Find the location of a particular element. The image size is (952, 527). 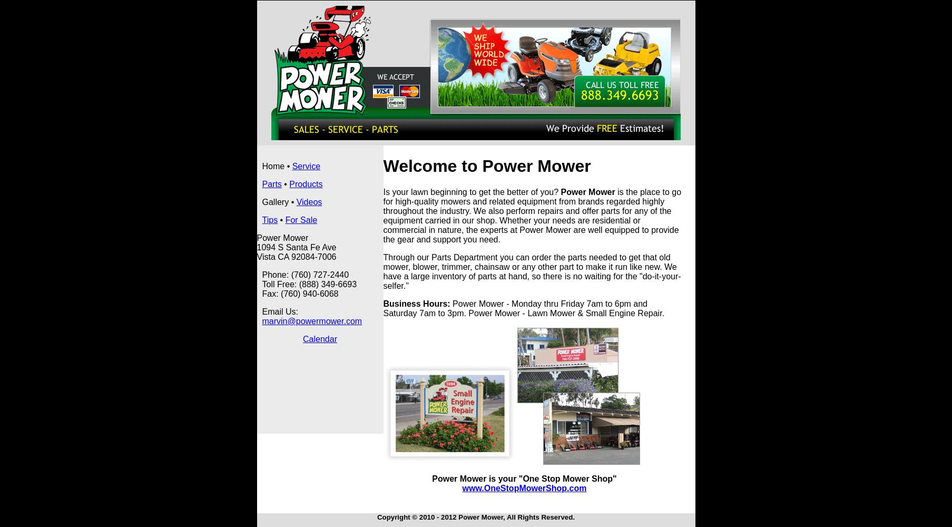

'1094 S Santa Fe Ave' is located at coordinates (296, 247).